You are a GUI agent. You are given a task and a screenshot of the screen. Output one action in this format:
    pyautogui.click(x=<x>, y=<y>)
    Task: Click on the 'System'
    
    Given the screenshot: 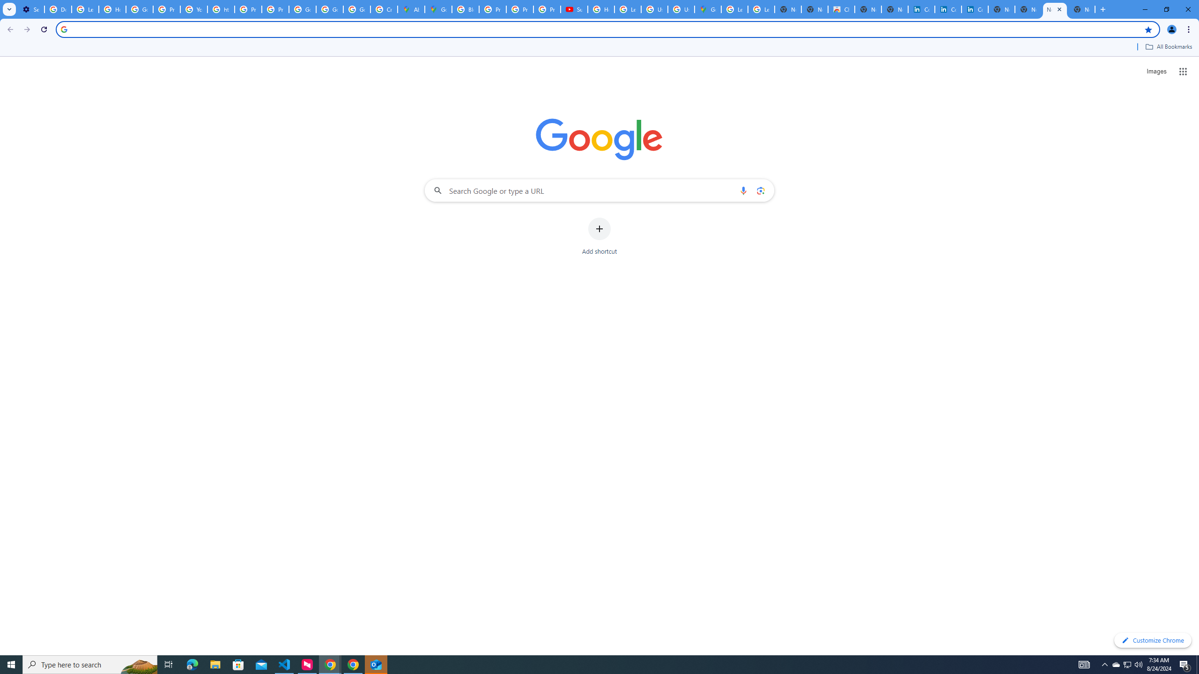 What is the action you would take?
    pyautogui.click(x=5, y=4)
    